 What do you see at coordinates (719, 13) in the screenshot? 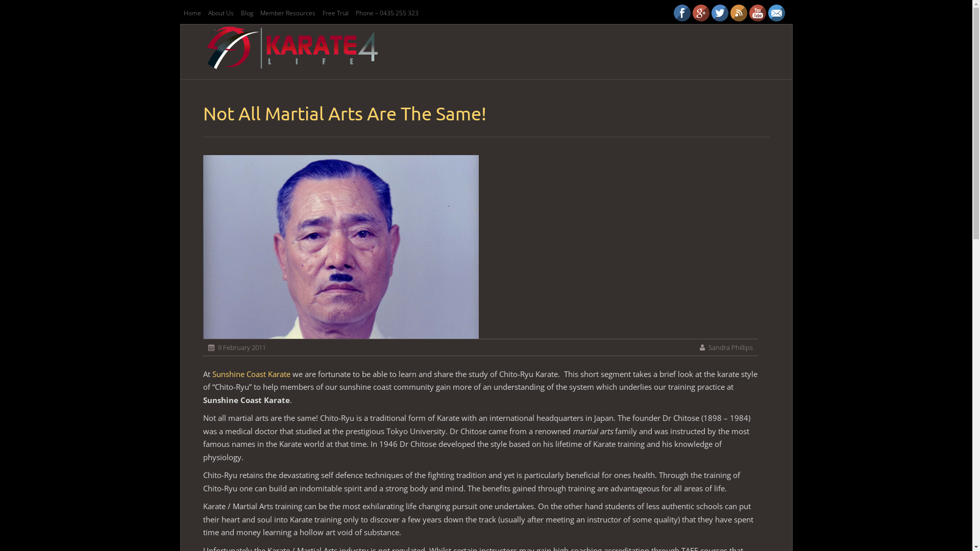
I see `'Twitter'` at bounding box center [719, 13].